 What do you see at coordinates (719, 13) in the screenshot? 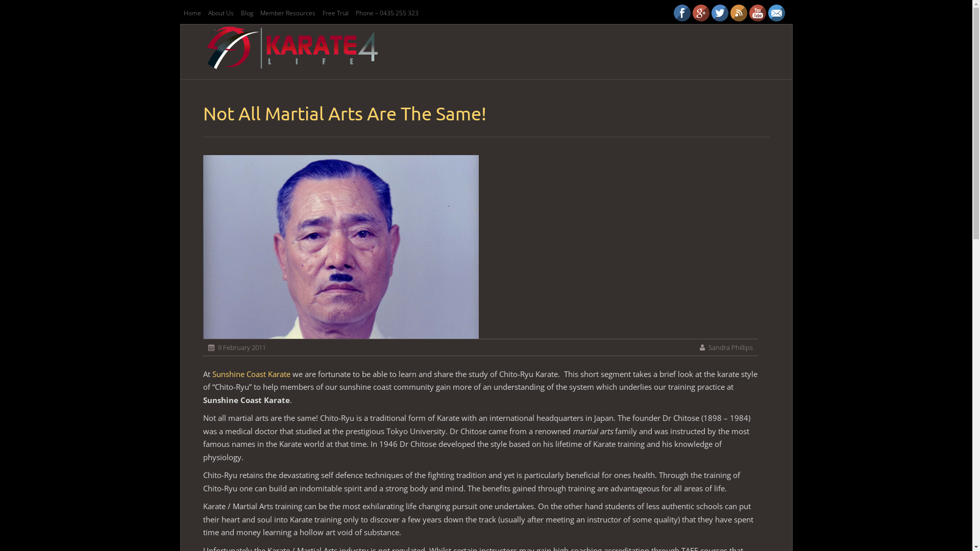
I see `'Twitter'` at bounding box center [719, 13].